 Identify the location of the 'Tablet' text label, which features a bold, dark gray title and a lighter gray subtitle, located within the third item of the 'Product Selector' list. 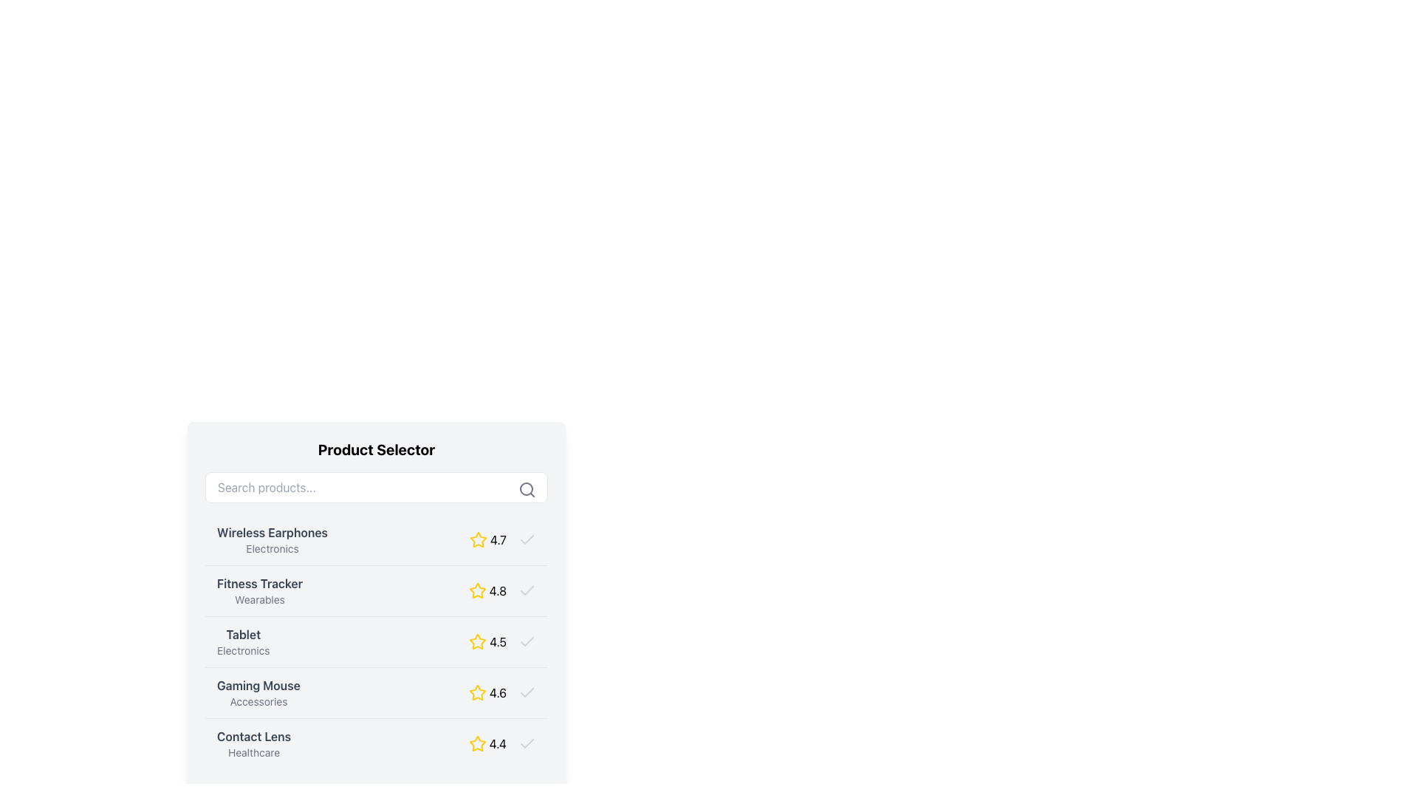
(243, 641).